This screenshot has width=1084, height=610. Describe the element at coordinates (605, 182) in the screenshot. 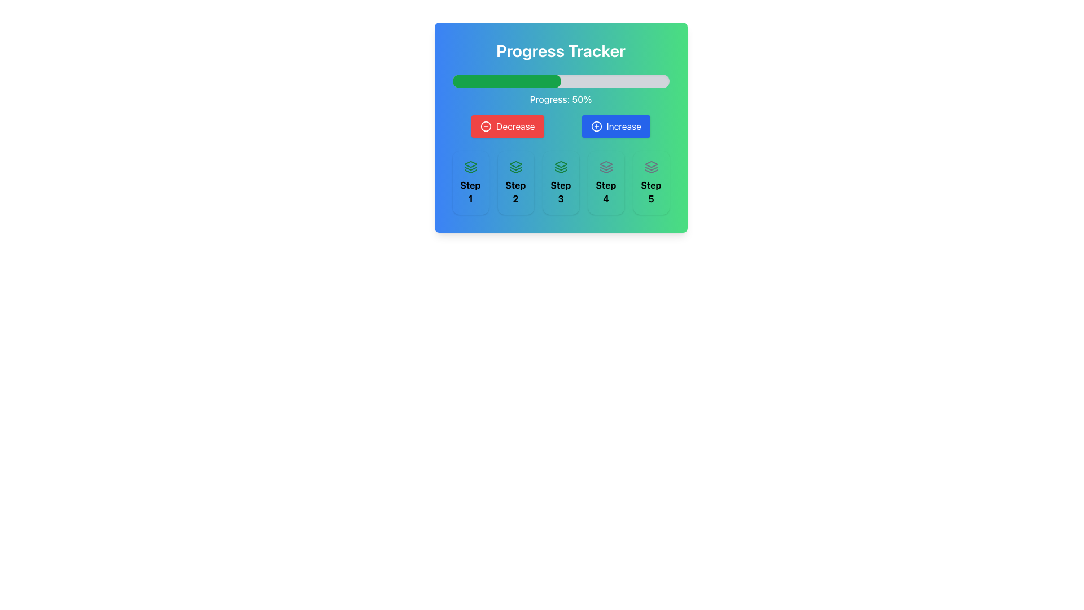

I see `the fourth step in the five-step progress tracker, which is represented by the Interactive Step Indicator (Non-clickable)` at that location.